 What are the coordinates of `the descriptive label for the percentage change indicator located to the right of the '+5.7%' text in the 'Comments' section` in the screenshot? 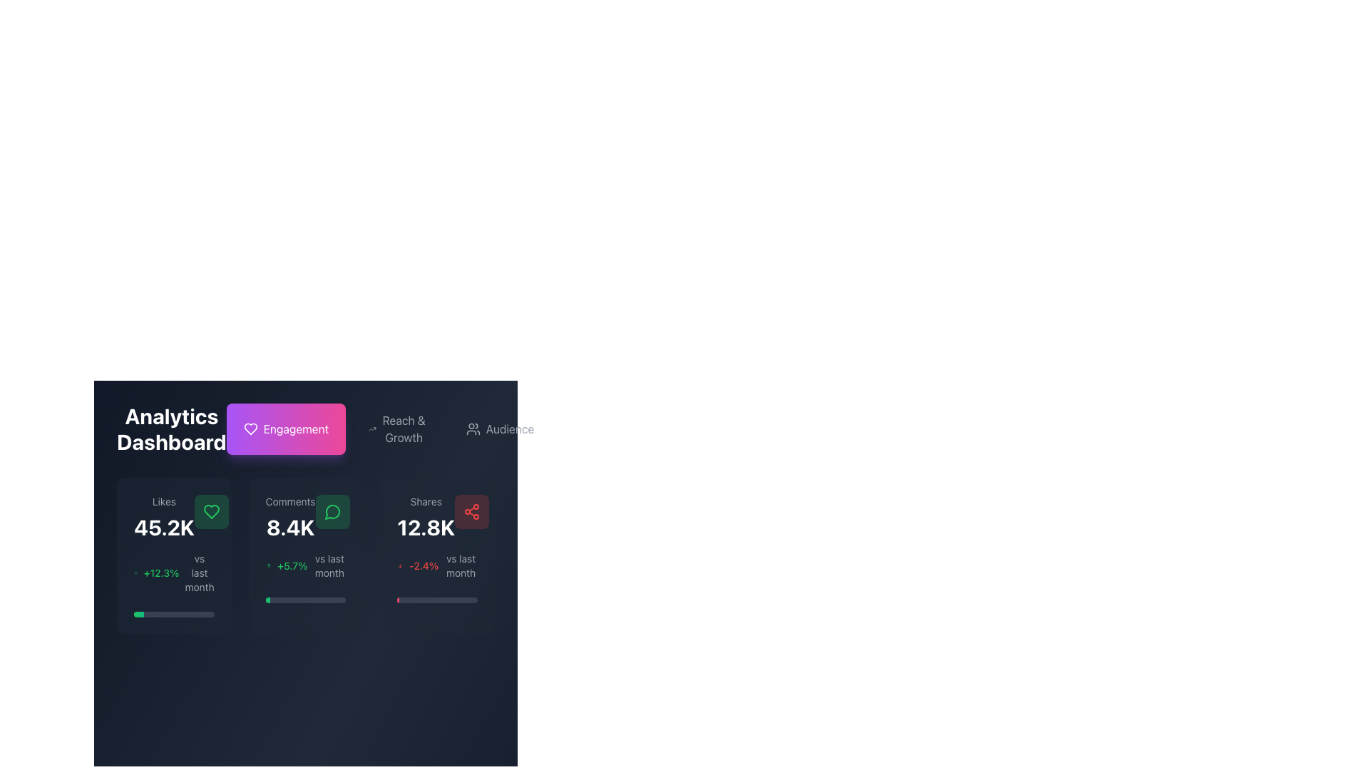 It's located at (329, 565).